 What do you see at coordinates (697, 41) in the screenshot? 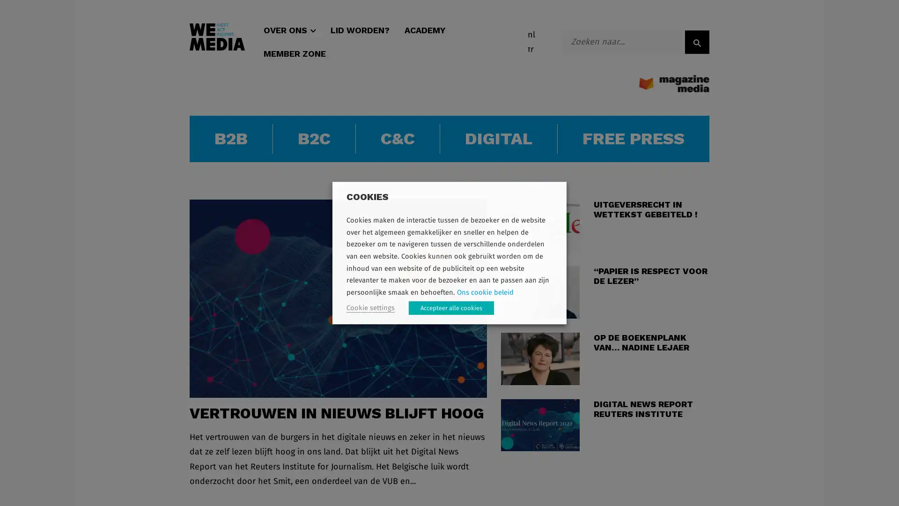
I see `ZOEK` at bounding box center [697, 41].